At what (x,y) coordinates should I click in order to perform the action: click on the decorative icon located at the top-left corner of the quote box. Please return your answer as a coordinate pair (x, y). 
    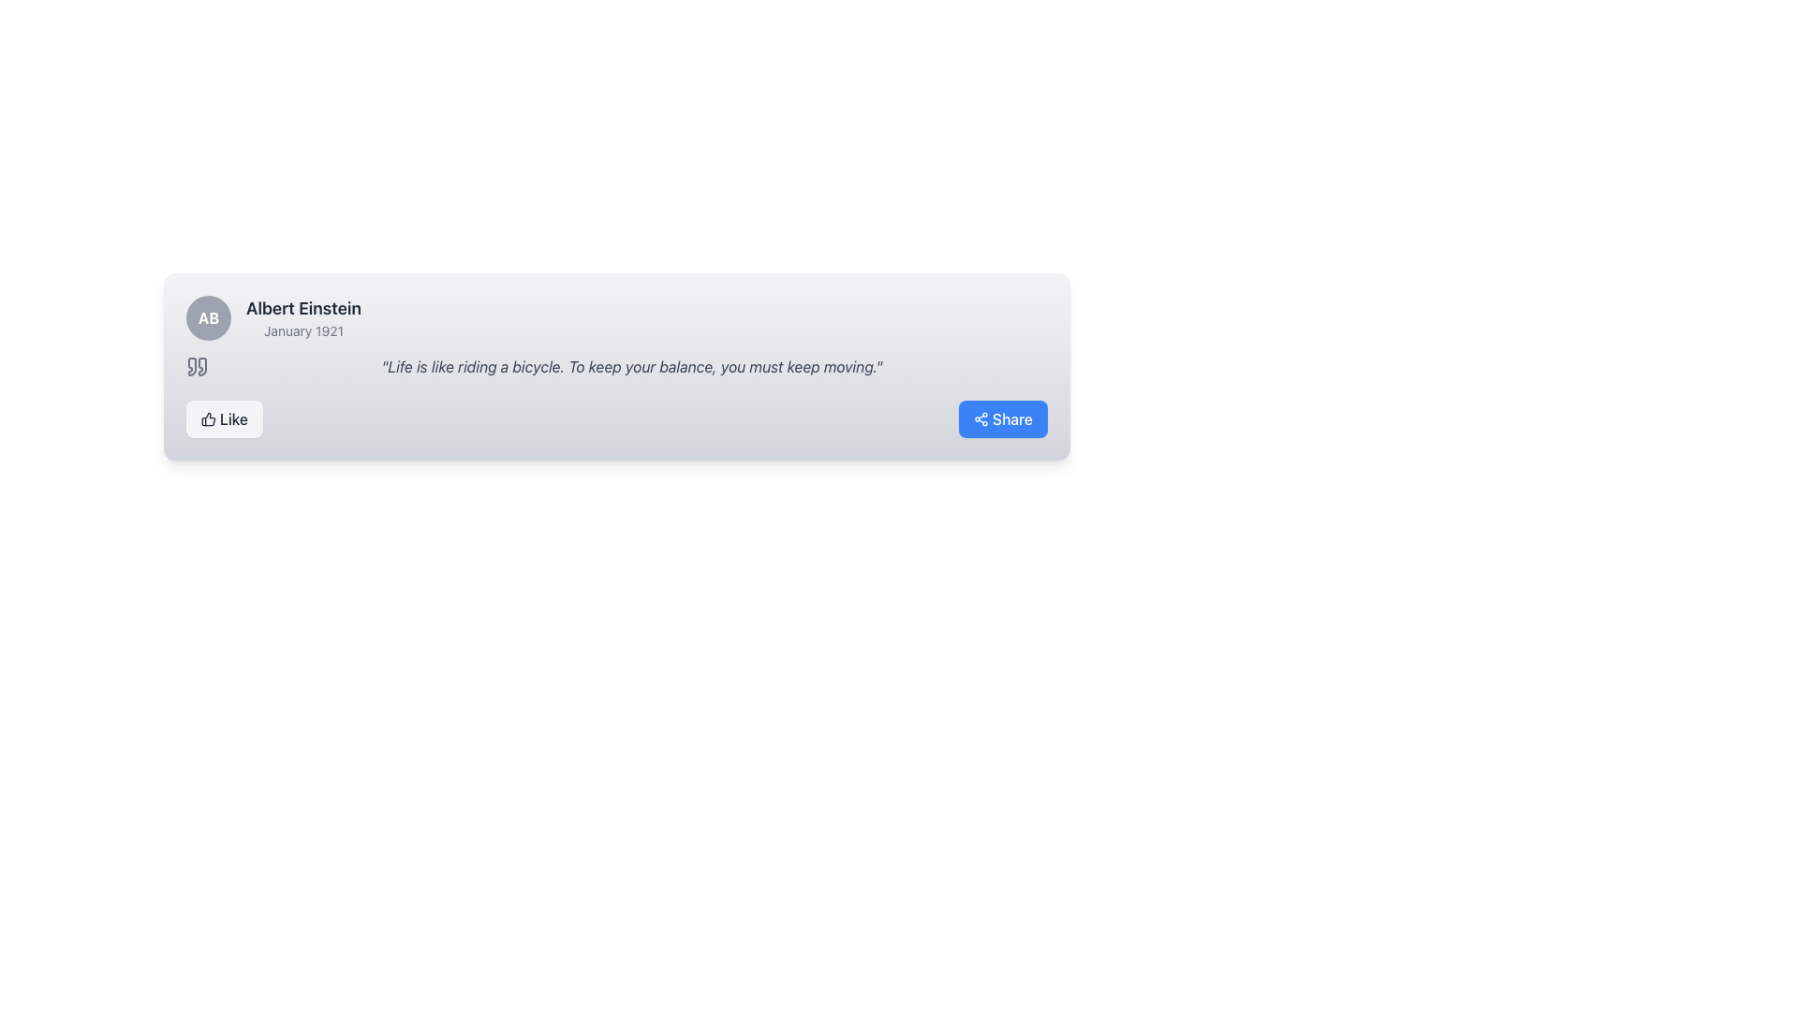
    Looking at the image, I should click on (198, 367).